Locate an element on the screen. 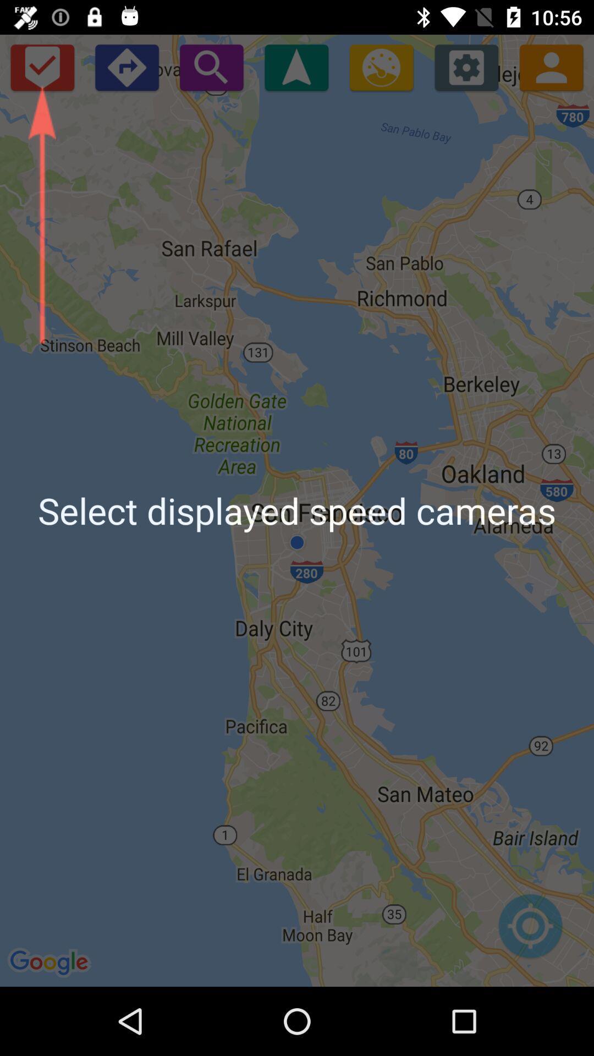  the location_crosshair icon is located at coordinates (530, 931).